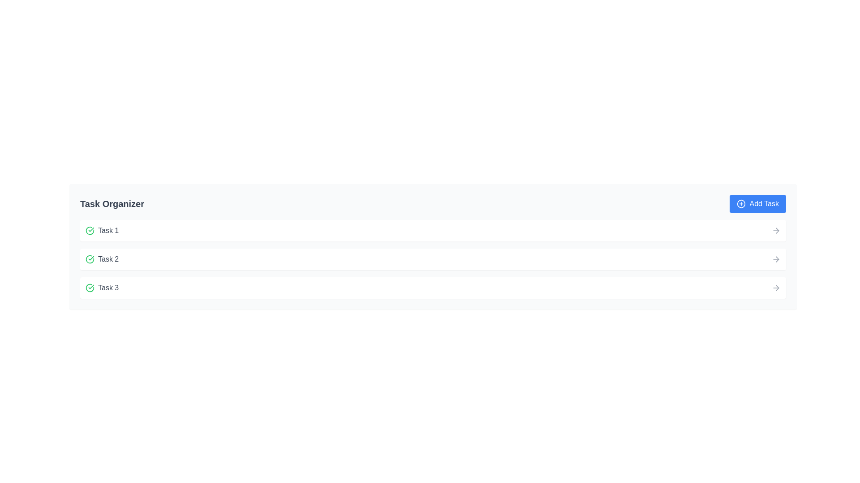  Describe the element at coordinates (775, 288) in the screenshot. I see `the rightward arrow icon with a light gray outline located at the far-right side of the 'Task 3' row, adjacent to the text 'Task 3'` at that location.